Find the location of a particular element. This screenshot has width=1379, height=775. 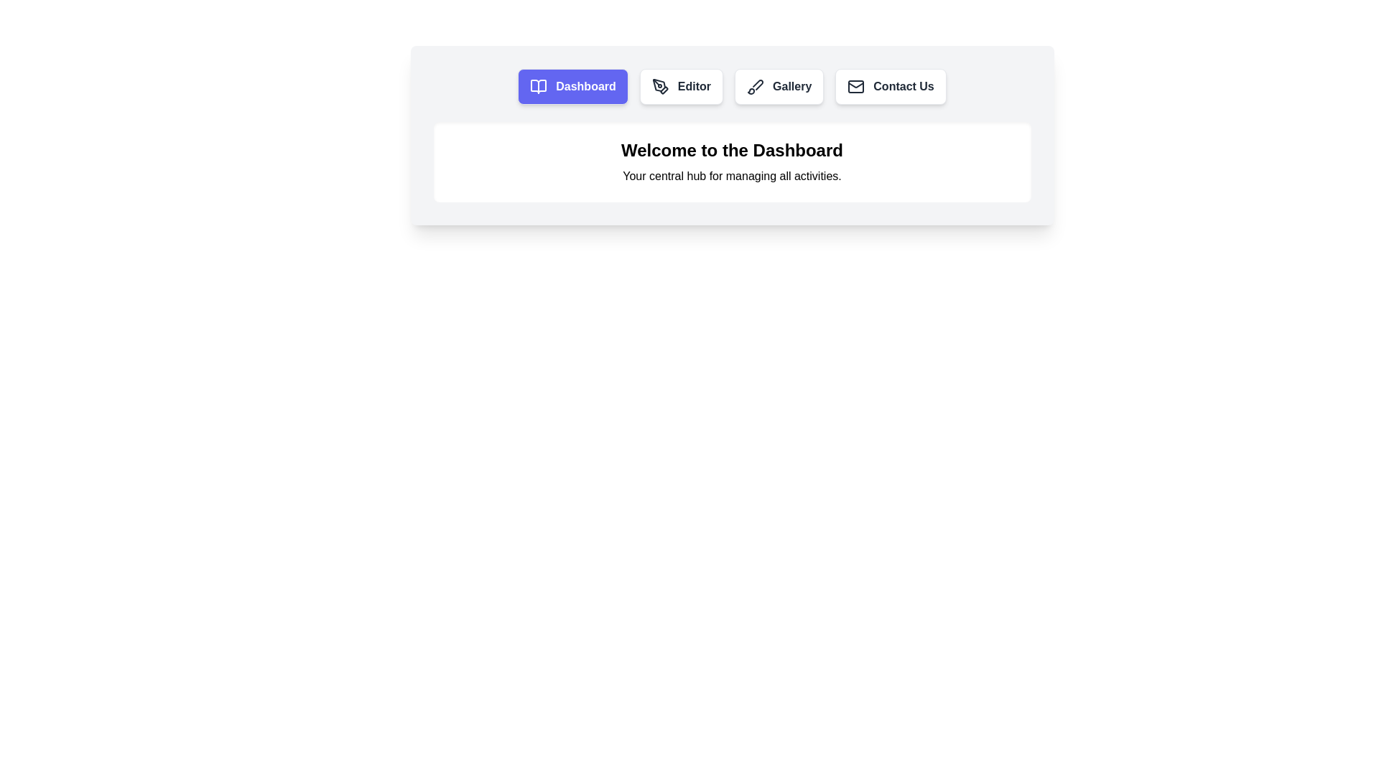

text label within the first button in the navigation bar, which likely navigates to the Dashboard page is located at coordinates (586, 86).